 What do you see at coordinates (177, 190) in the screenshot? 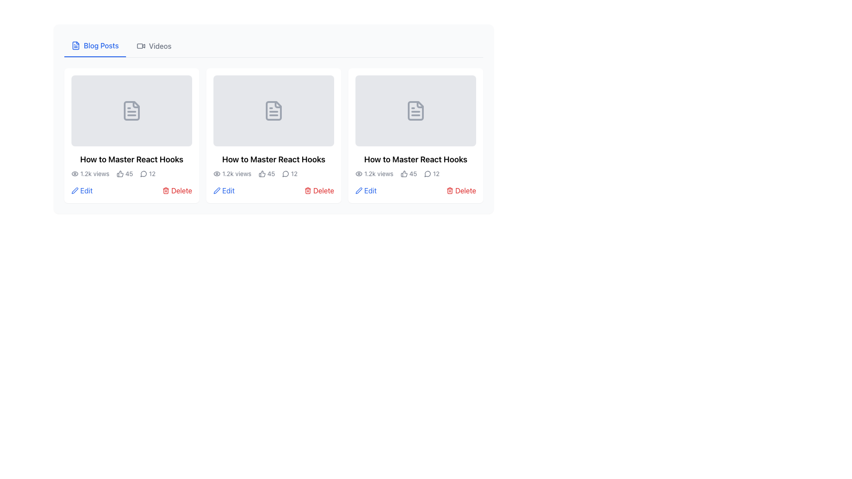
I see `the red 'Delete' button link with a trash can icon` at bounding box center [177, 190].